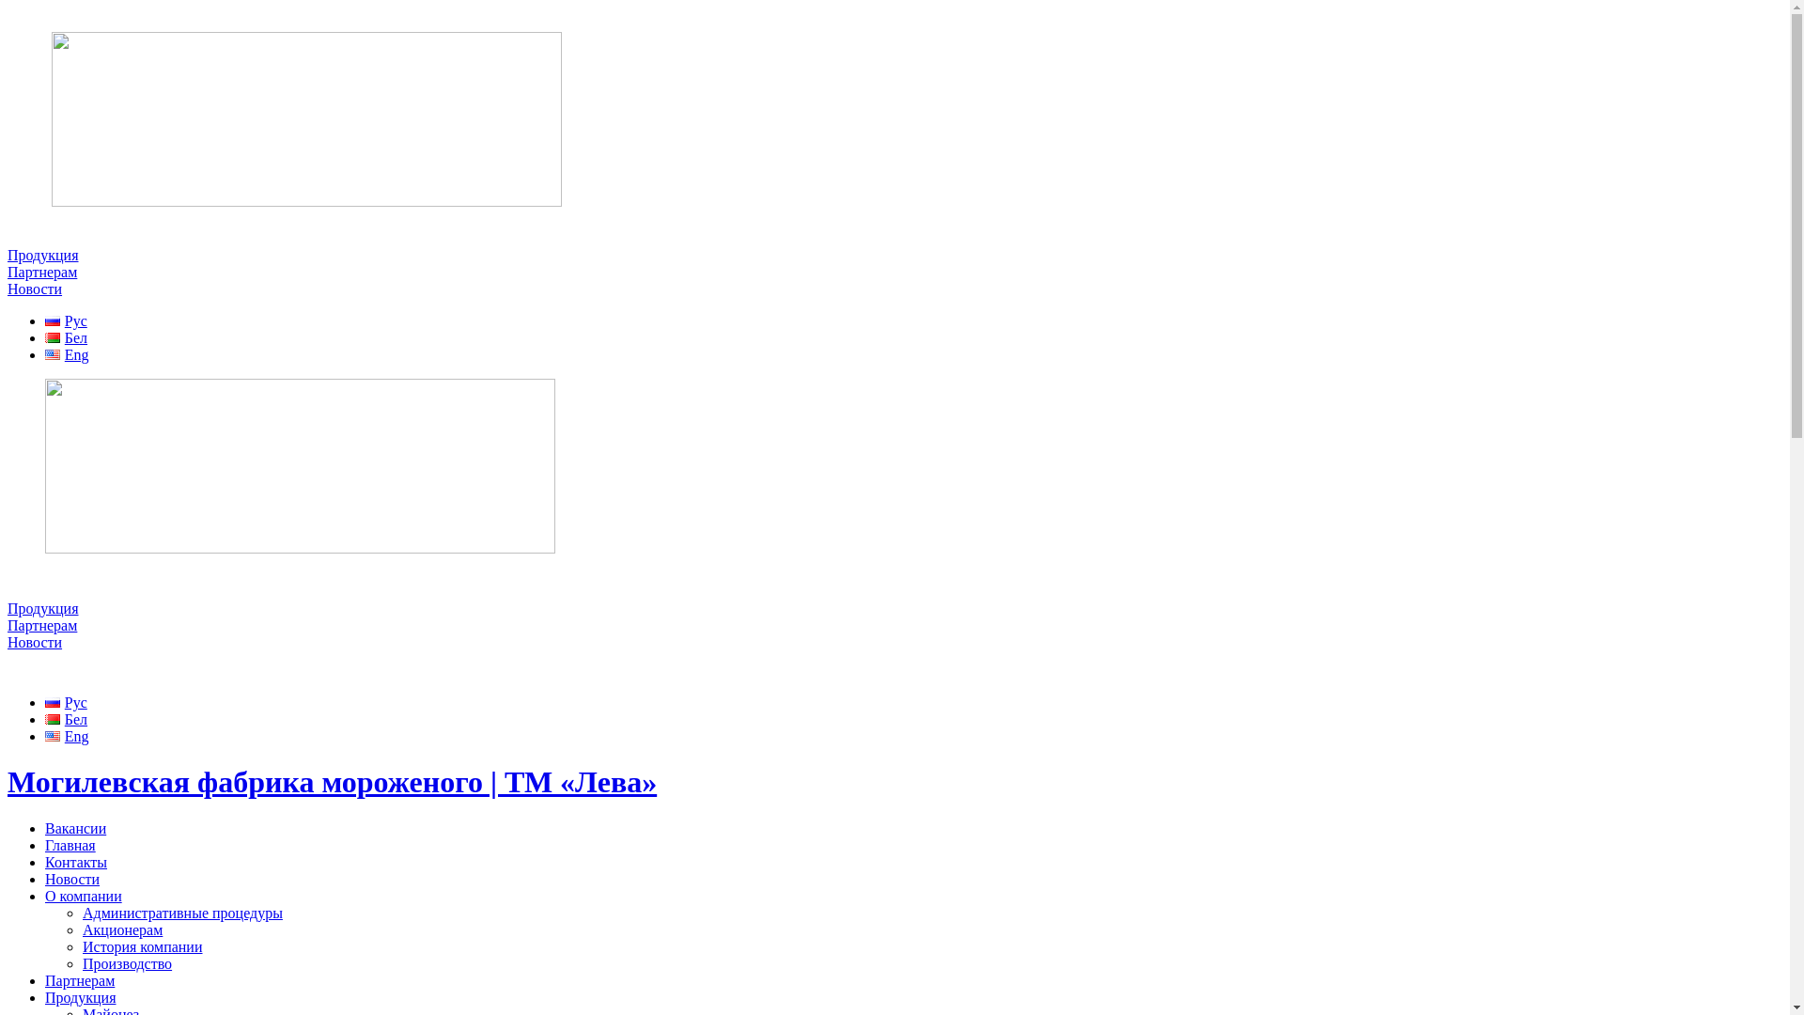 Image resolution: width=1804 pixels, height=1015 pixels. What do you see at coordinates (67, 354) in the screenshot?
I see `'Eng'` at bounding box center [67, 354].